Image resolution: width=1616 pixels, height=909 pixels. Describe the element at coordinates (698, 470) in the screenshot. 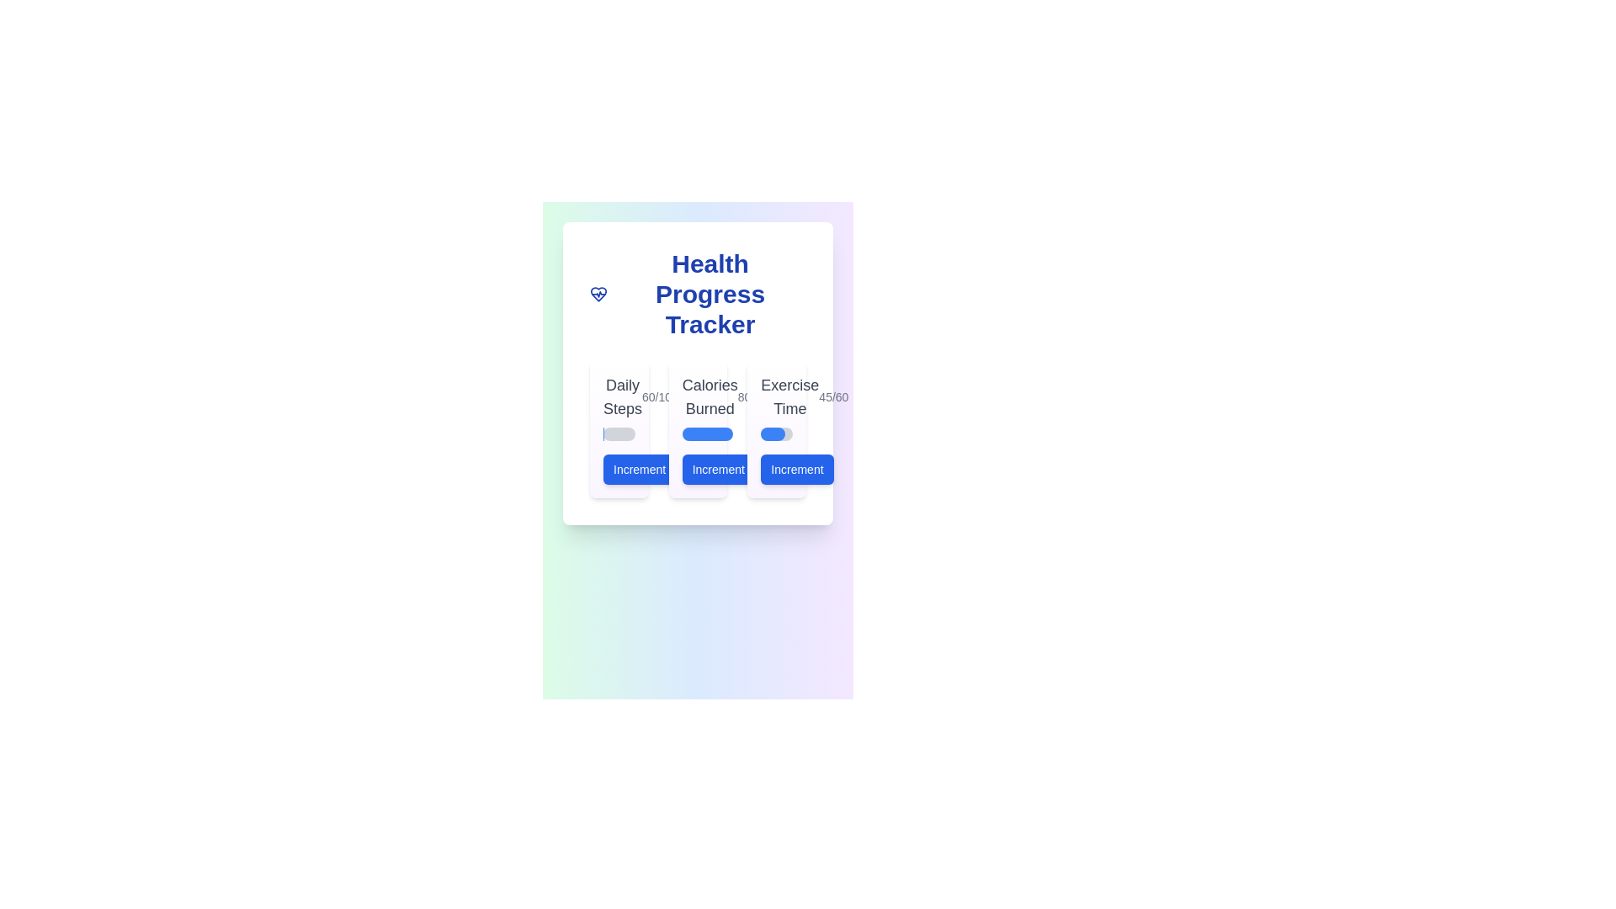

I see `the second 'Increment' button in the 'Calories Burned' section` at that location.